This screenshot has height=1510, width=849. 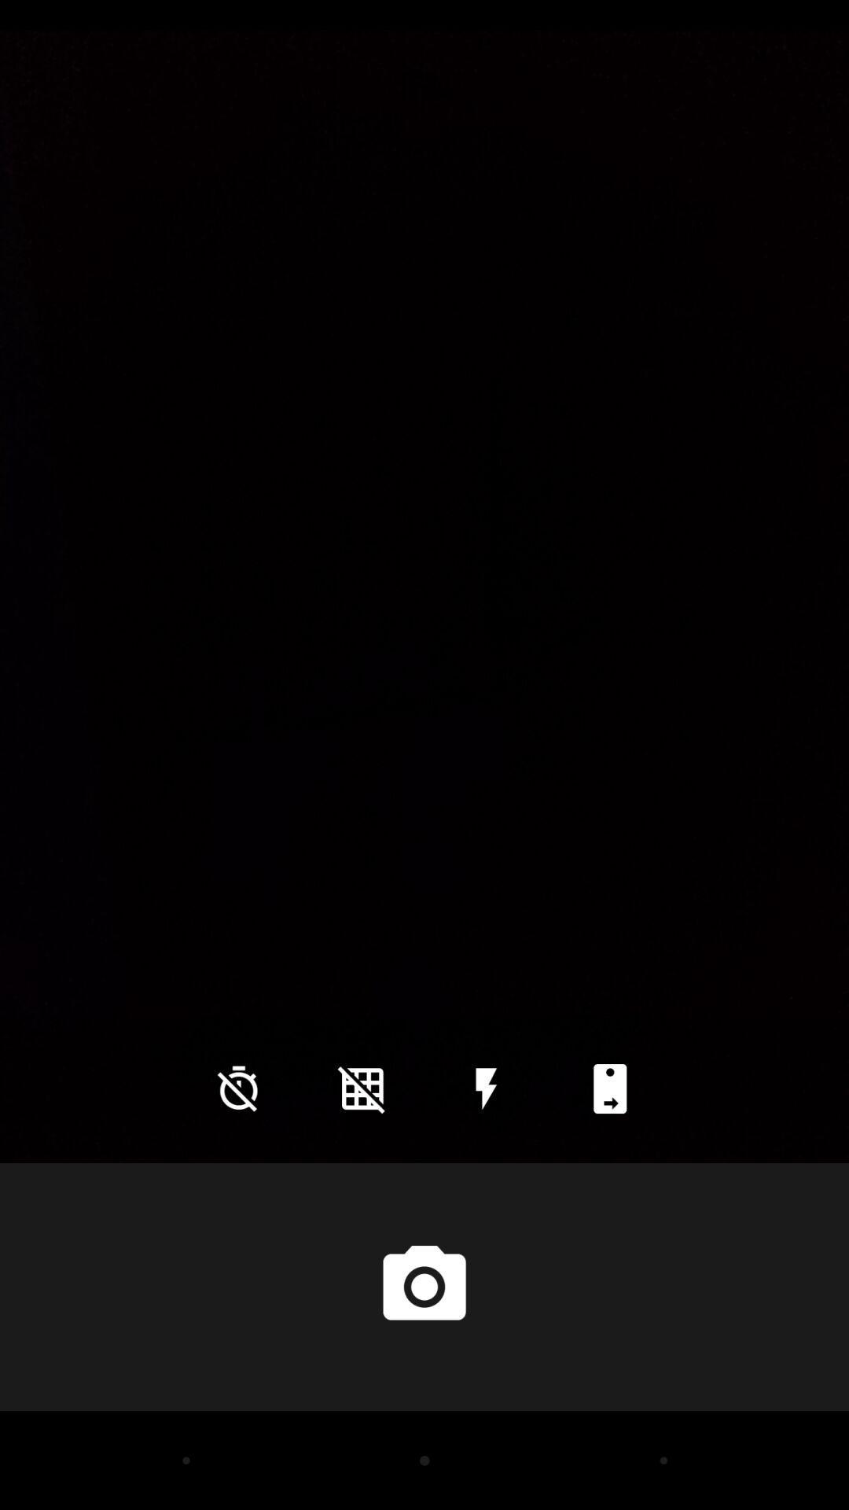 What do you see at coordinates (238, 1088) in the screenshot?
I see `the item at the bottom left corner` at bounding box center [238, 1088].